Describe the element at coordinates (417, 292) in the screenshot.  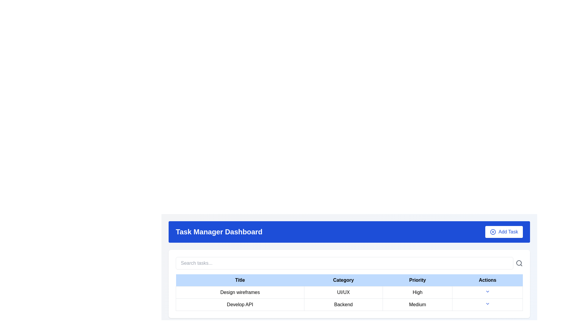
I see `the high priority status text label located in the 'Priority' column, positioned between the 'UI/UX' entry and the 'Actions' dropdown menu` at that location.